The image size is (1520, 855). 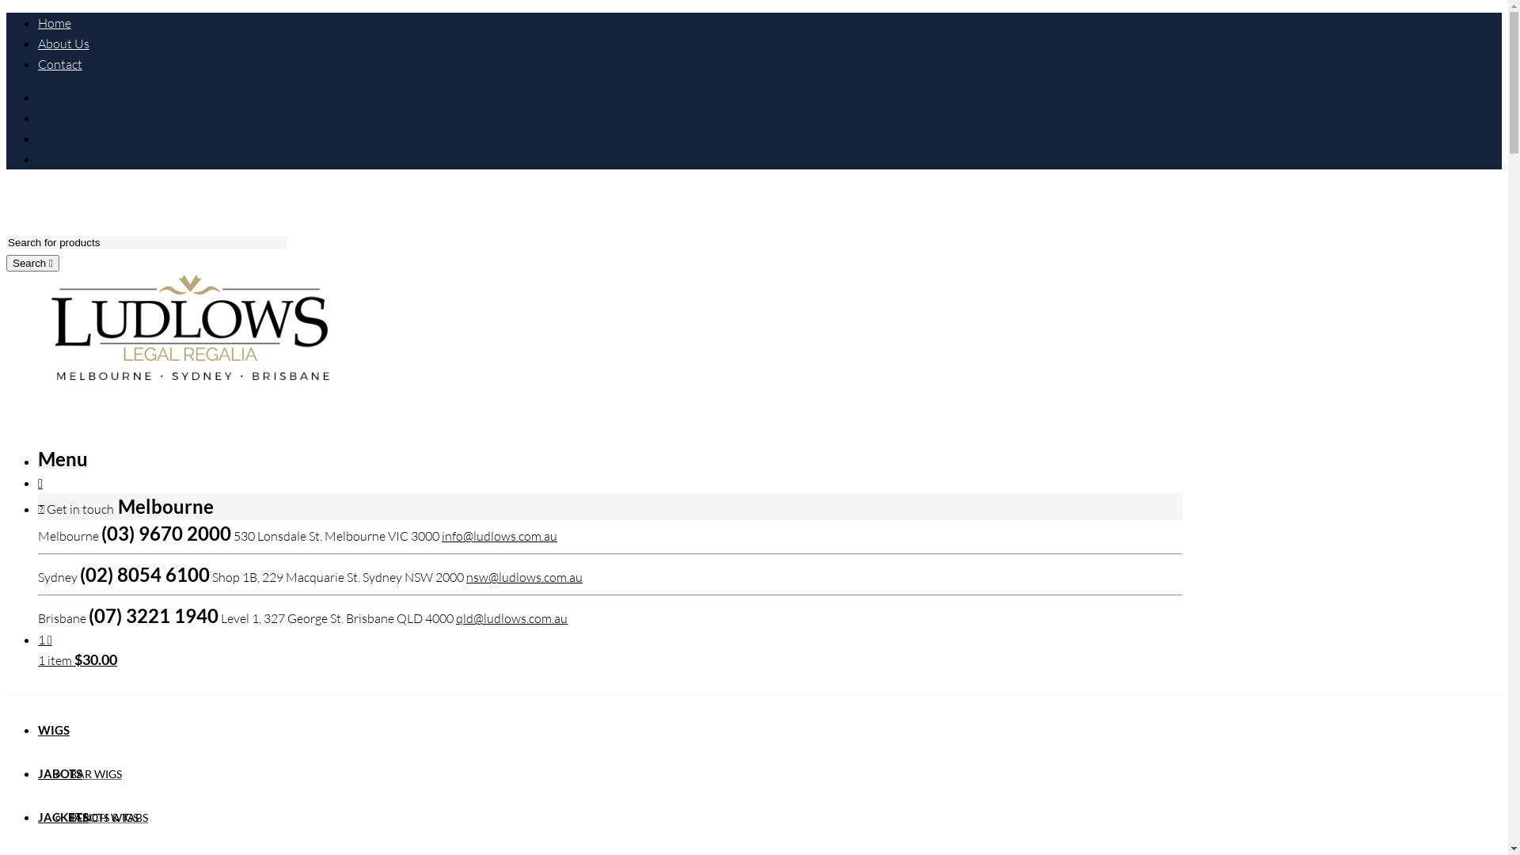 I want to click on 'BENCH WIGS', so click(x=103, y=817).